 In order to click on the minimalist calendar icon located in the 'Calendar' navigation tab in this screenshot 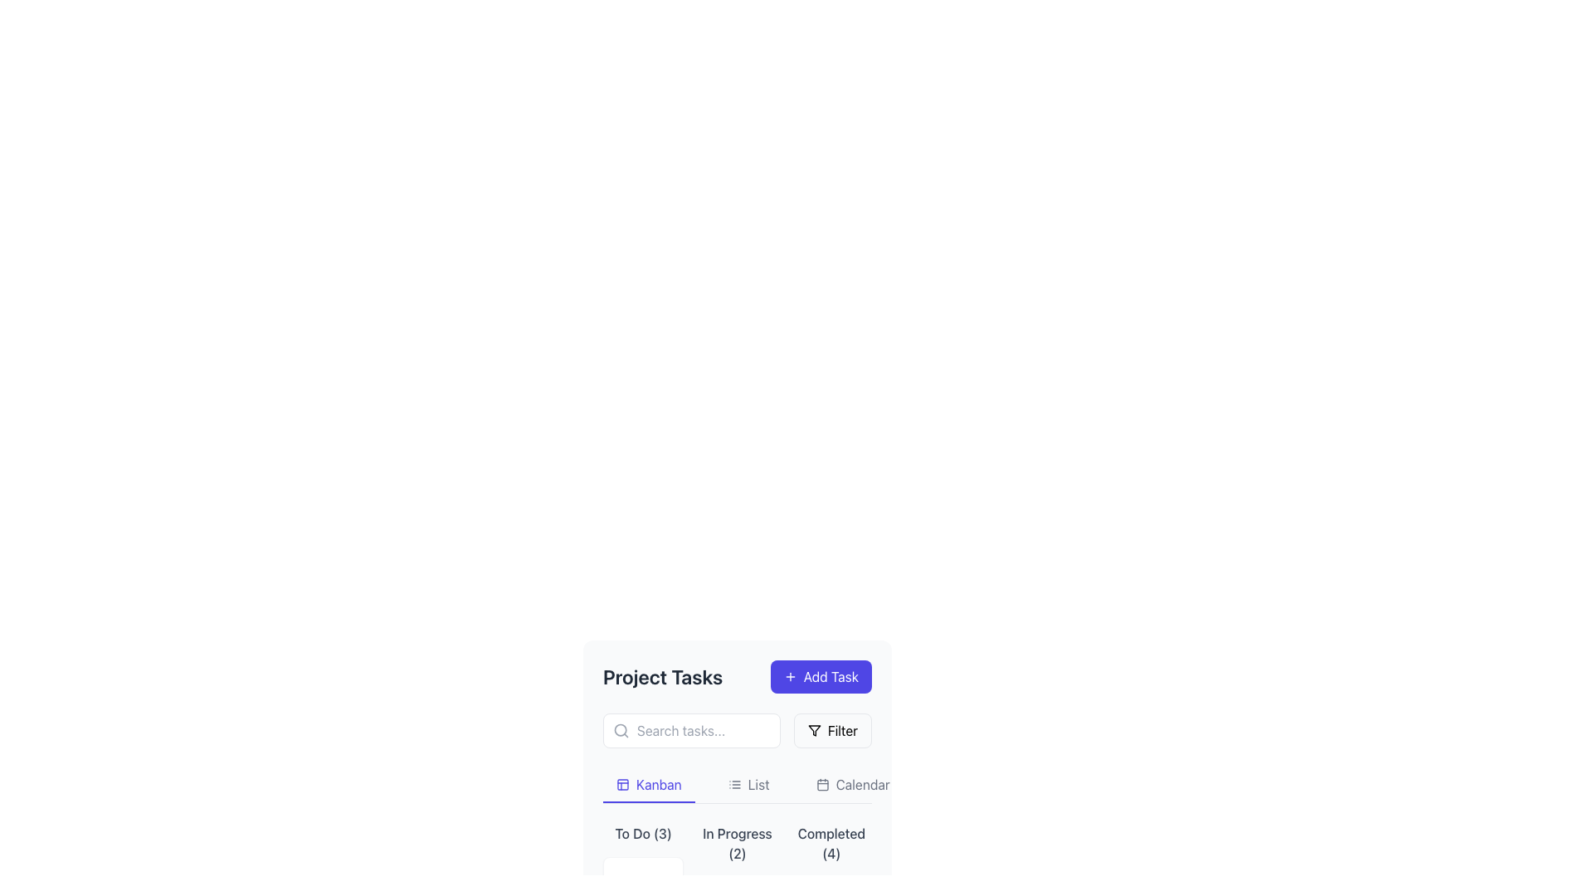, I will do `click(822, 784)`.